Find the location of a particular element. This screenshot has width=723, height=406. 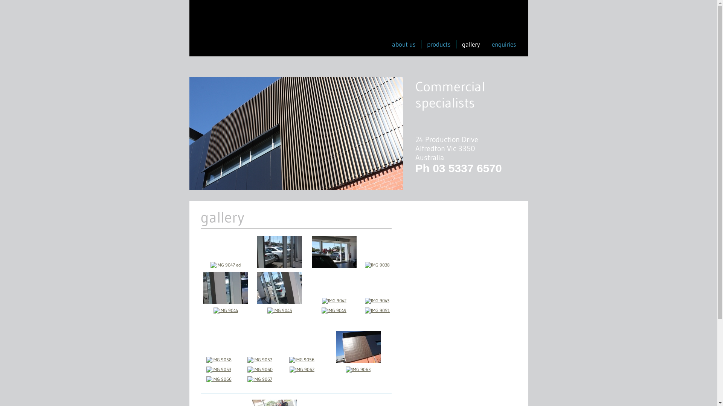

'IMG 9056' is located at coordinates (302, 359).